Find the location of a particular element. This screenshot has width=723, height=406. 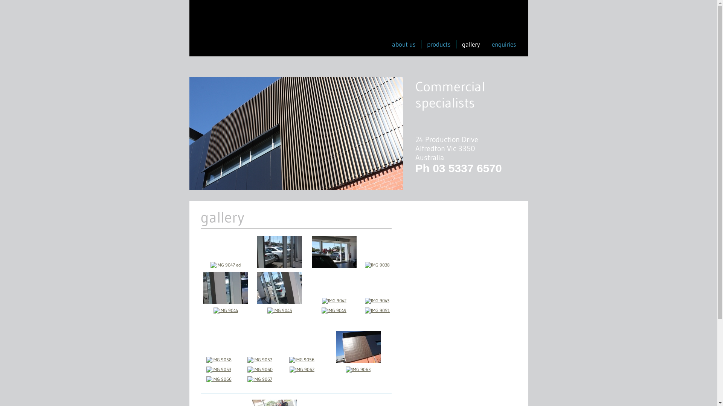

'IMG 9056' is located at coordinates (302, 359).